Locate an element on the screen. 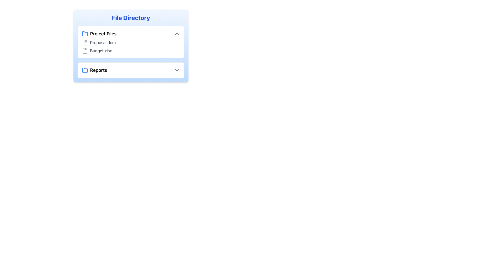  the plain text element displaying 'Budget.xlsx' in the 'Project Files' section is located at coordinates (101, 51).